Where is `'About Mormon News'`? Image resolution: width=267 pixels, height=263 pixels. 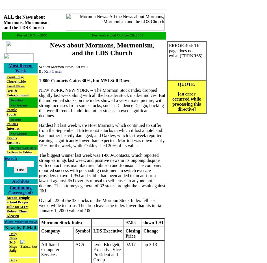 'About Mormon News' is located at coordinates (20, 221).